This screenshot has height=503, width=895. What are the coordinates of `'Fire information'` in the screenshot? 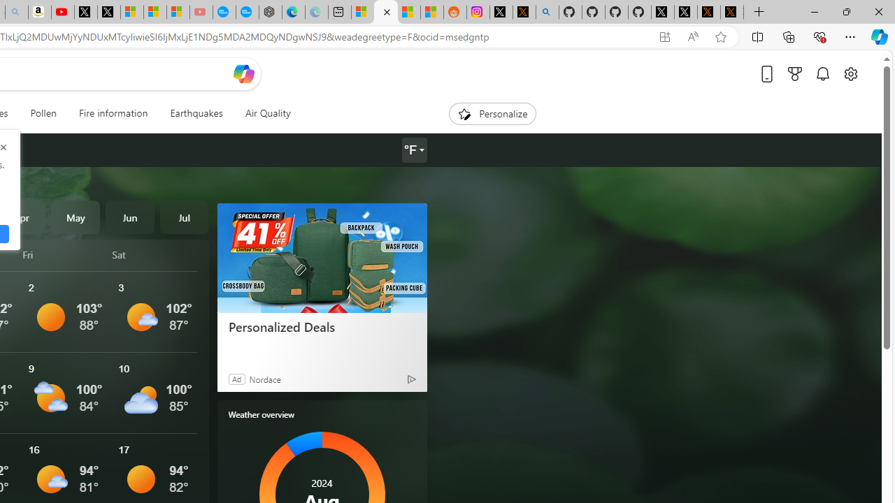 It's located at (113, 113).